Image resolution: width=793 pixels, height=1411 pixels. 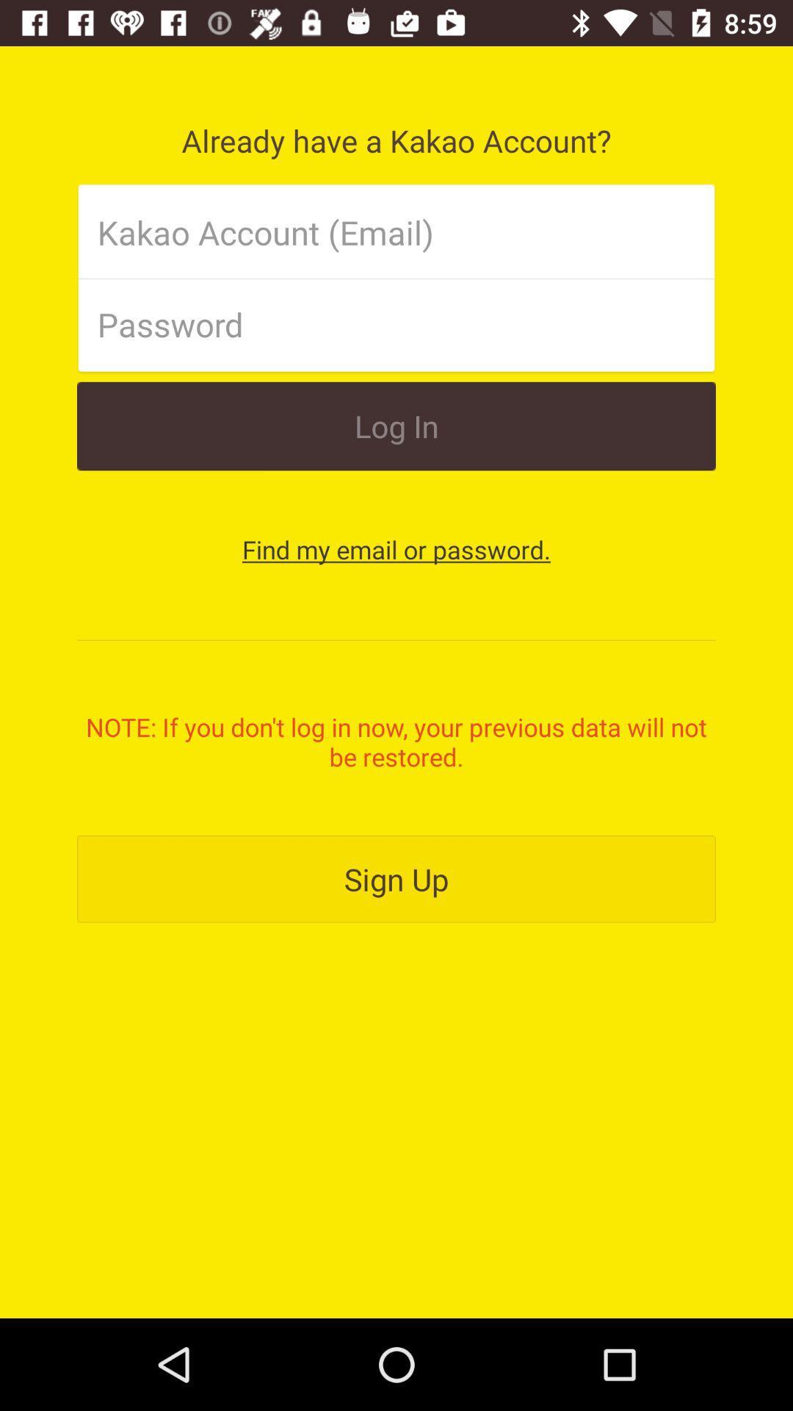 What do you see at coordinates (396, 879) in the screenshot?
I see `item below the note if you icon` at bounding box center [396, 879].